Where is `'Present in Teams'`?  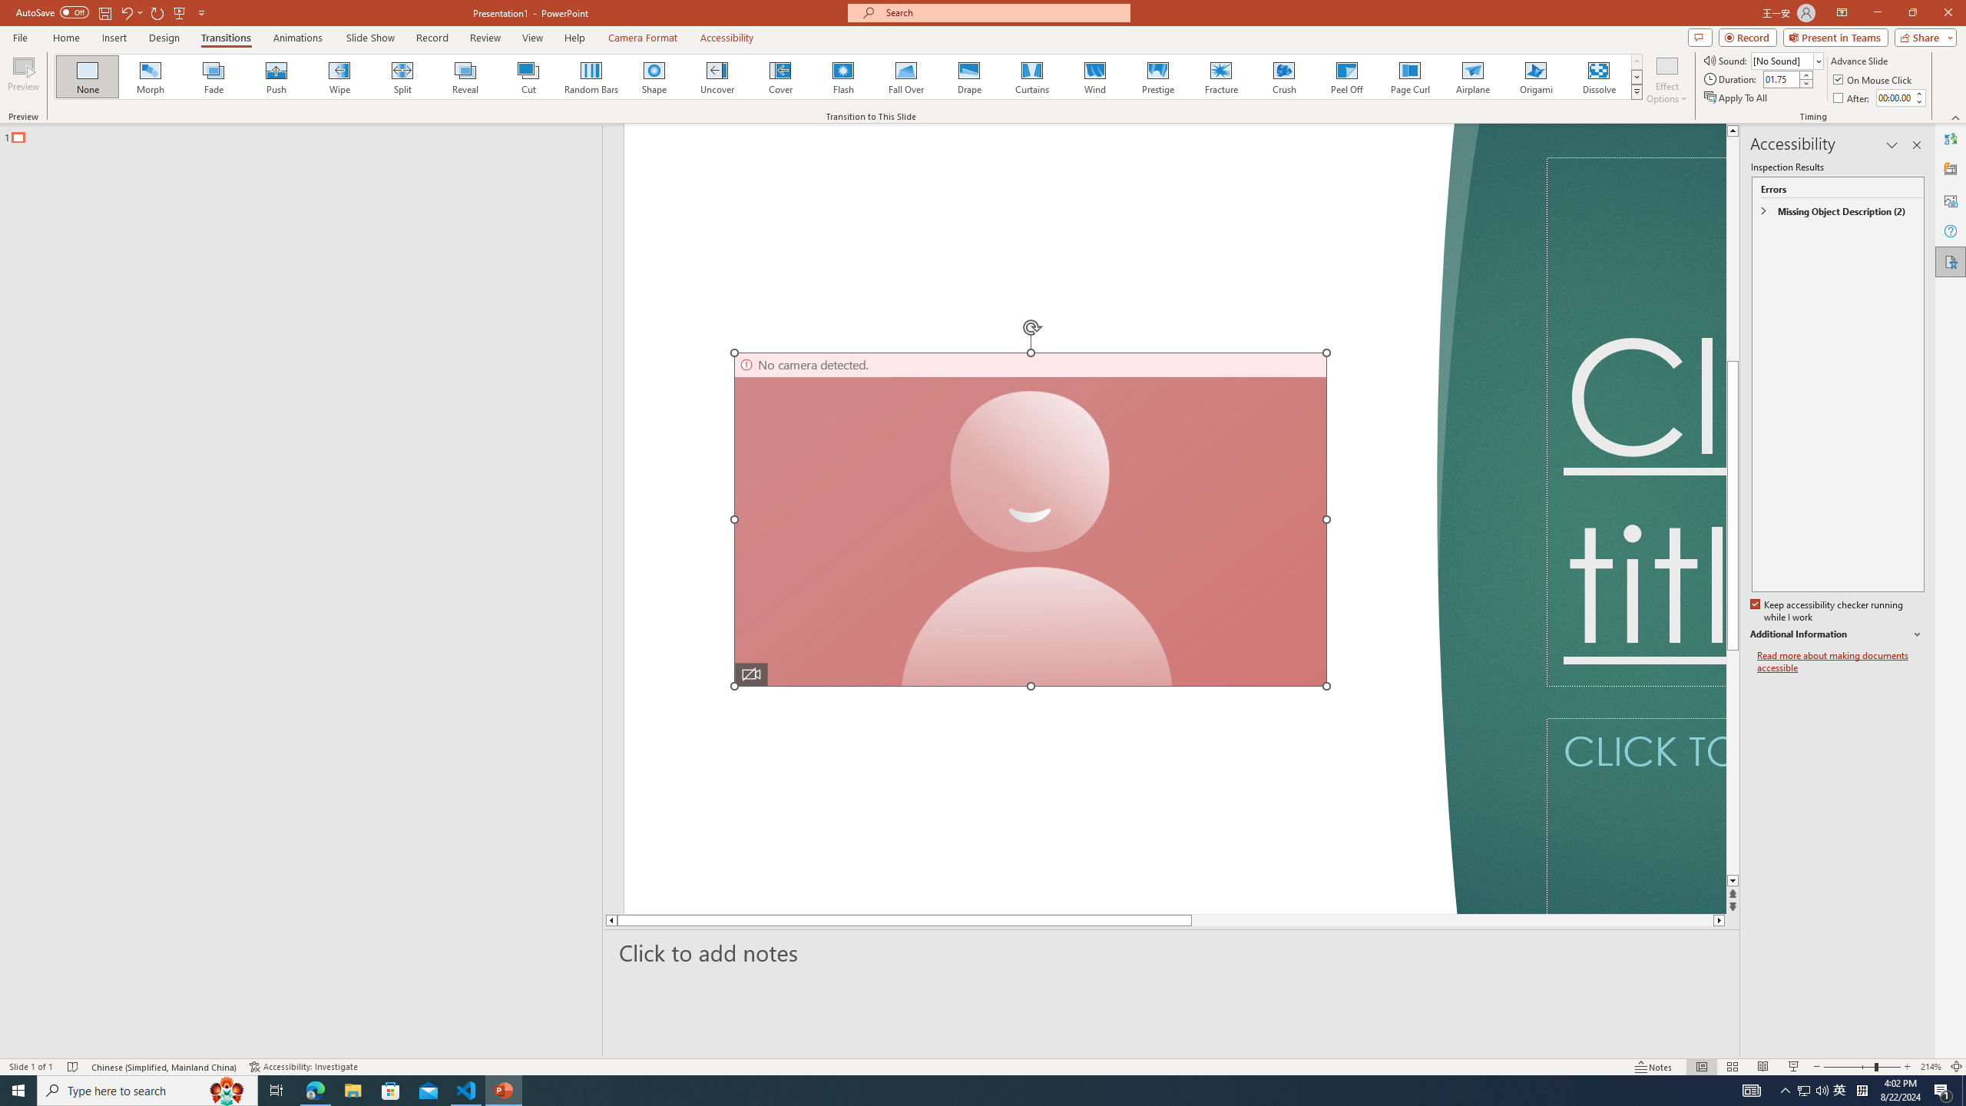
'Present in Teams' is located at coordinates (1835, 36).